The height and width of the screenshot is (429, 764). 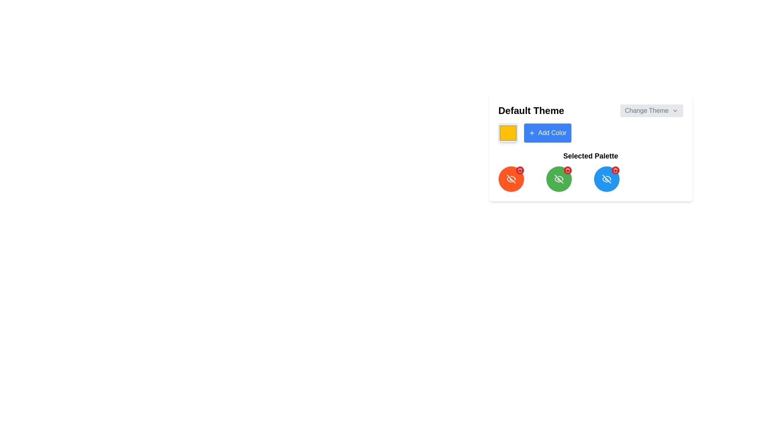 I want to click on the top right portion of the eye-off icon within the green circular button in the 'Selected Palette' section, which is the second button from the left, so click(x=560, y=178).